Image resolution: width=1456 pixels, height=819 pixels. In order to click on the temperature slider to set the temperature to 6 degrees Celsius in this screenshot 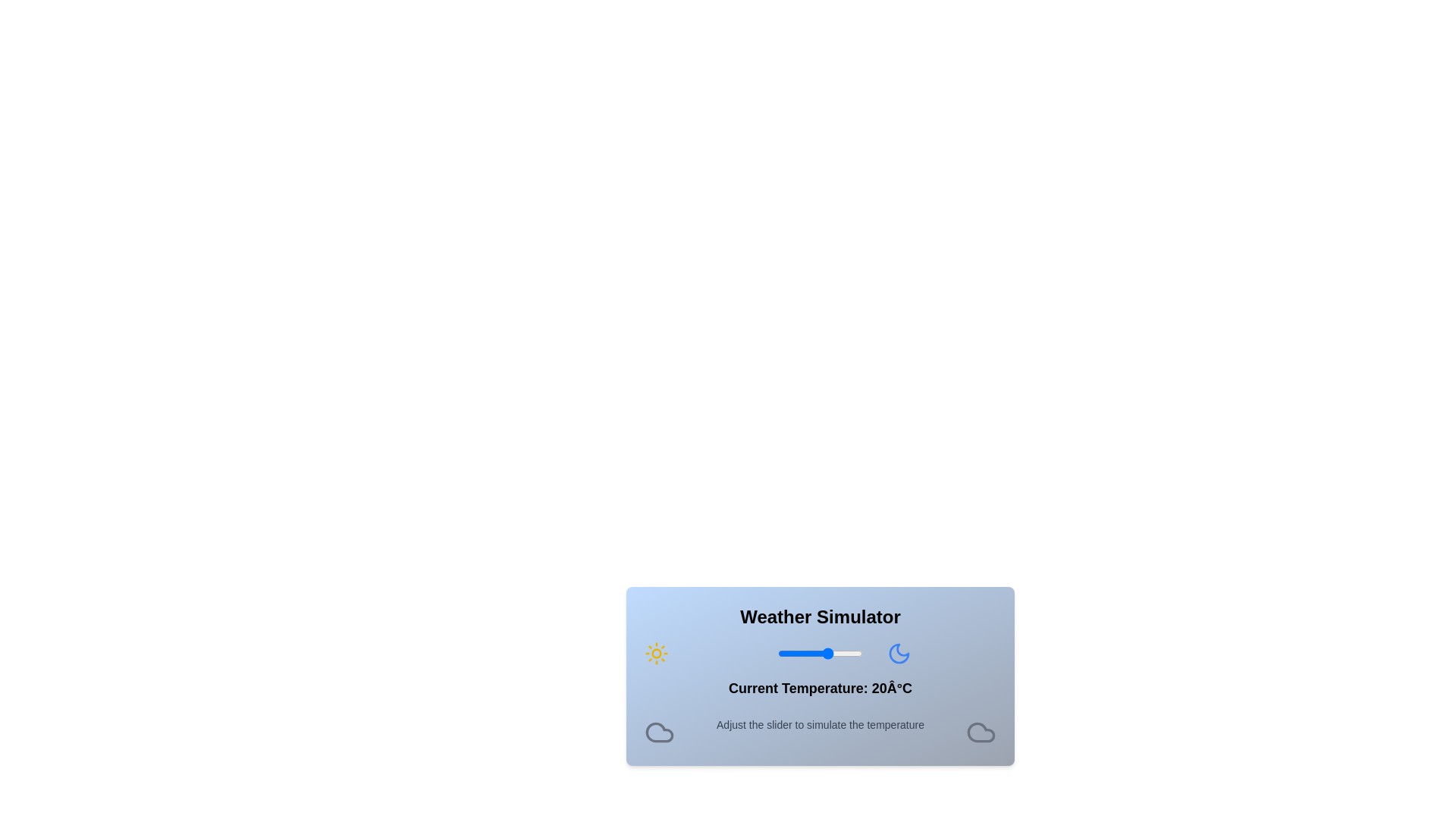, I will do `click(804, 652)`.